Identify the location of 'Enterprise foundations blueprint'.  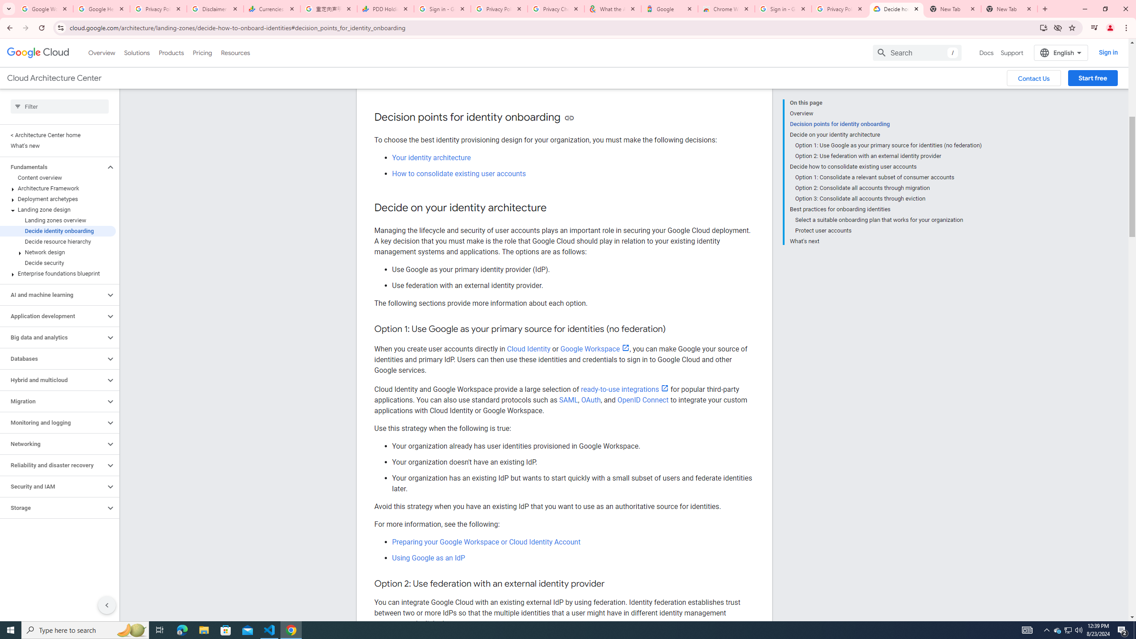
(58, 273).